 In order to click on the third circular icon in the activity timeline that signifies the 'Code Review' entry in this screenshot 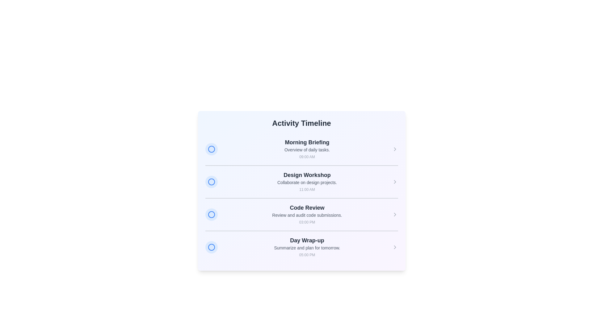, I will do `click(211, 214)`.